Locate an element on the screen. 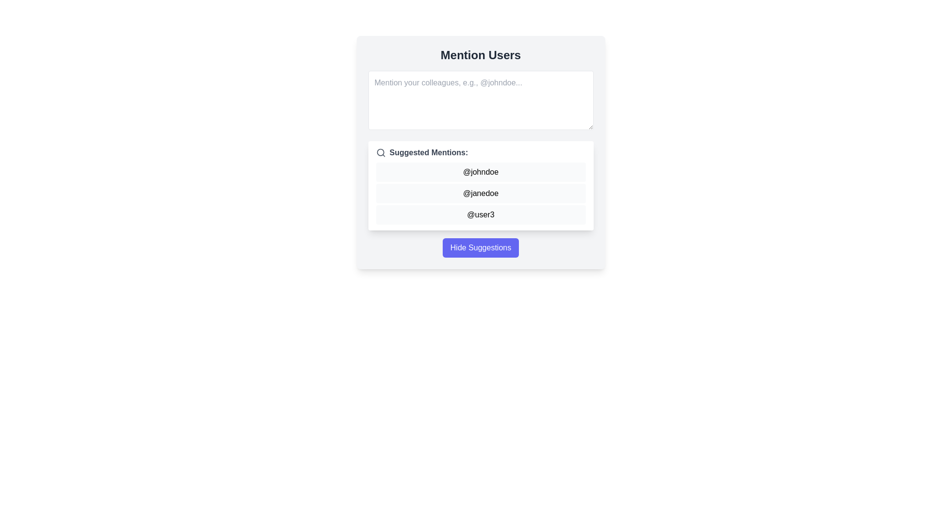  the interactive text option displaying the username '@janedoe' is located at coordinates (481, 193).